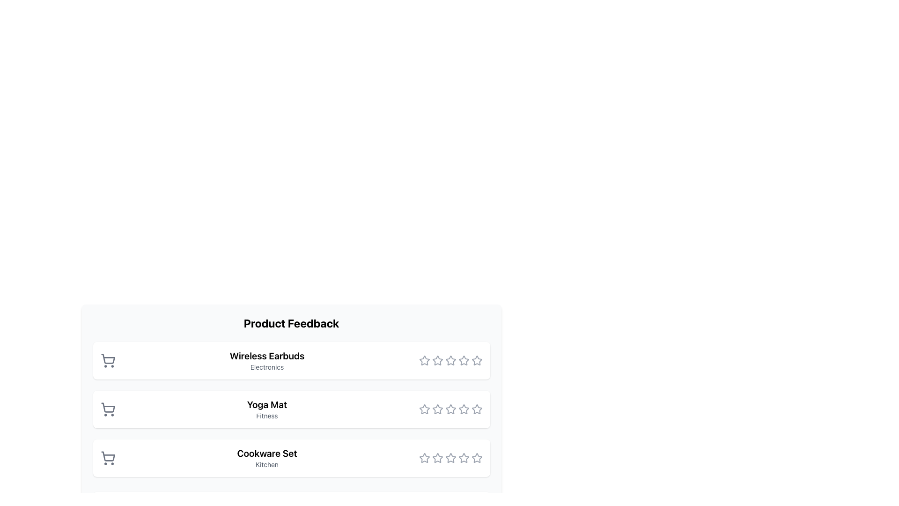  What do you see at coordinates (424, 359) in the screenshot?
I see `the first rating star icon for 'Wireless Earbuds' to register a rating` at bounding box center [424, 359].